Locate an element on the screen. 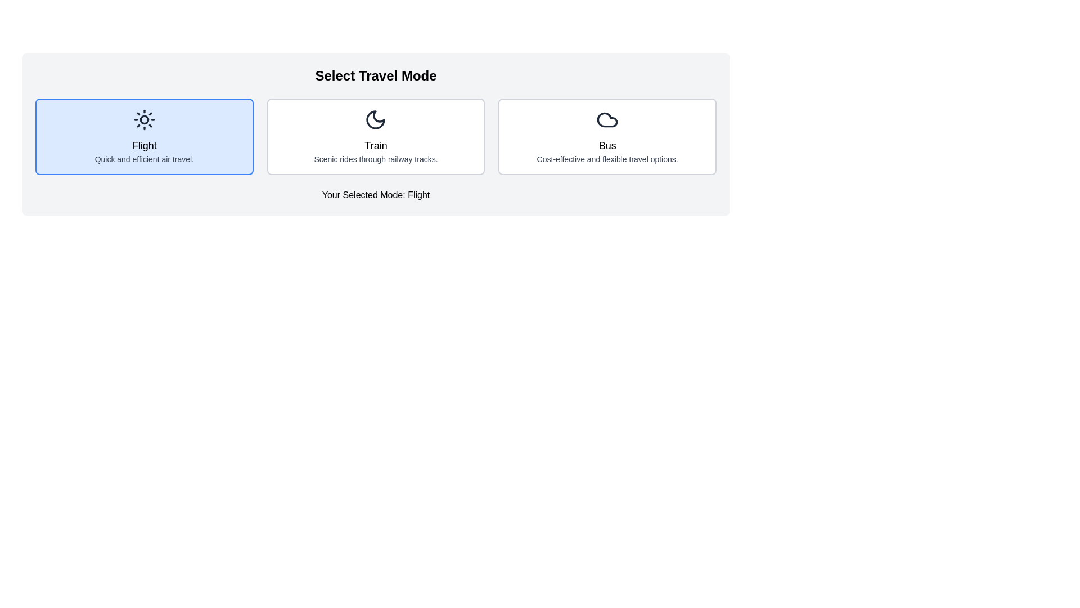  the text element displaying 'Scenic rides through railway tracks.' which is styled in gray and located below the 'Train' label in the travel mode selection row is located at coordinates (376, 159).